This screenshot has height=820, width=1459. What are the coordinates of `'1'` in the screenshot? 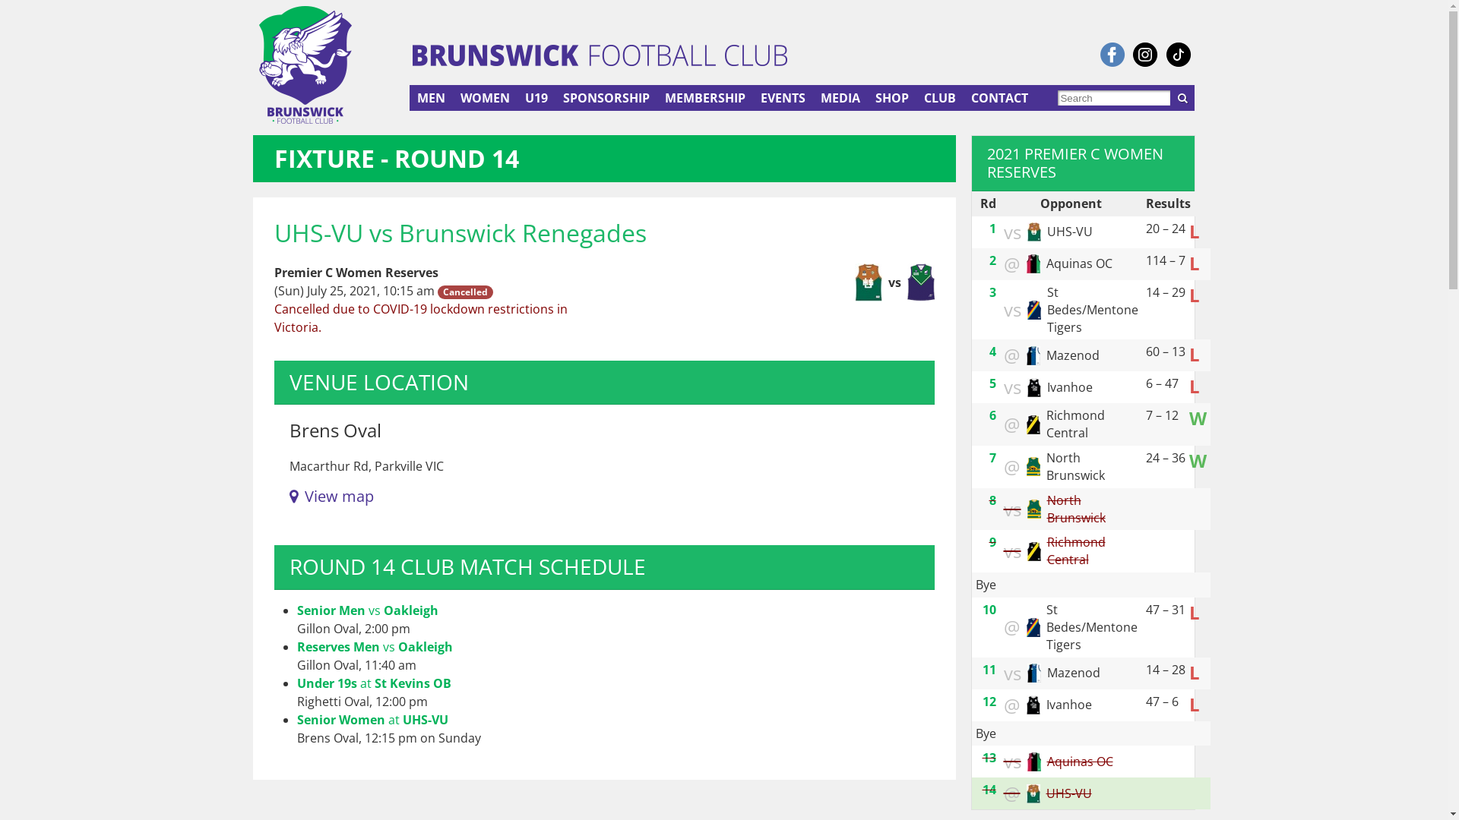 It's located at (992, 228).